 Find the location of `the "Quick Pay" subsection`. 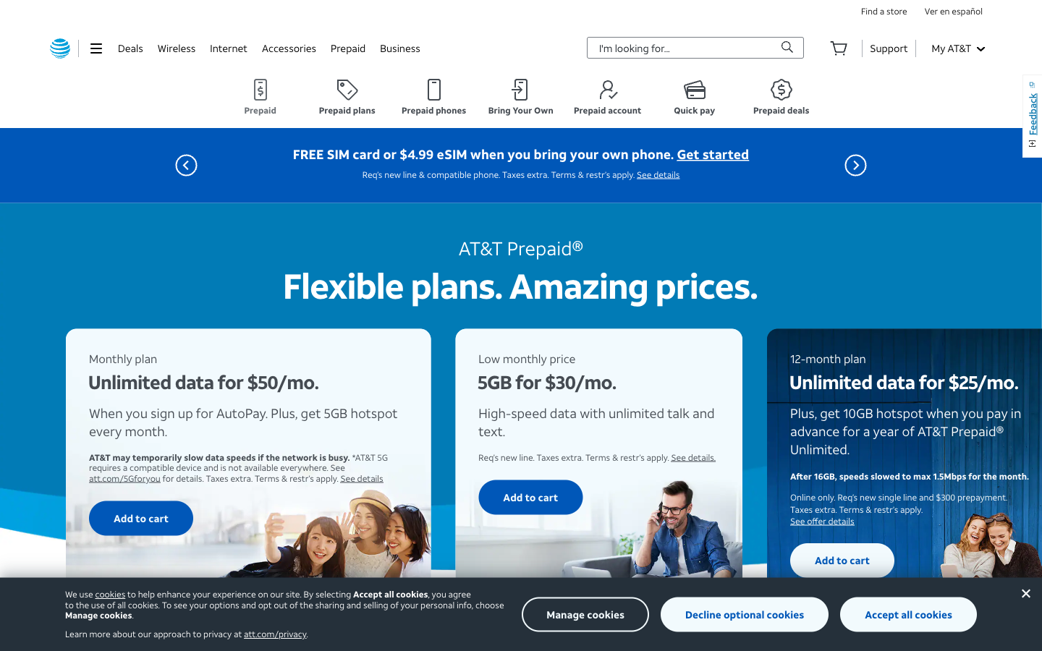

the "Quick Pay" subsection is located at coordinates (695, 97).